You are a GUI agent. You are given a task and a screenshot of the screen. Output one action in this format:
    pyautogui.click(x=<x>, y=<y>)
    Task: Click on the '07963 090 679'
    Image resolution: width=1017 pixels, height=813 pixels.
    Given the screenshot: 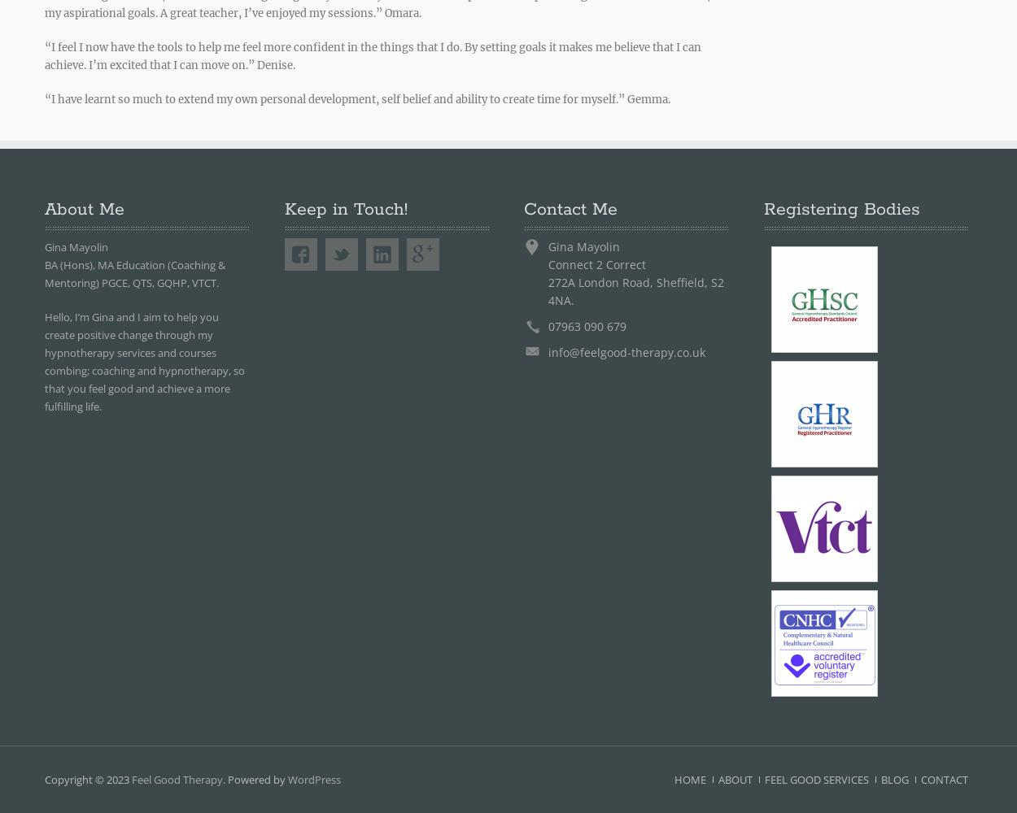 What is the action you would take?
    pyautogui.click(x=587, y=326)
    